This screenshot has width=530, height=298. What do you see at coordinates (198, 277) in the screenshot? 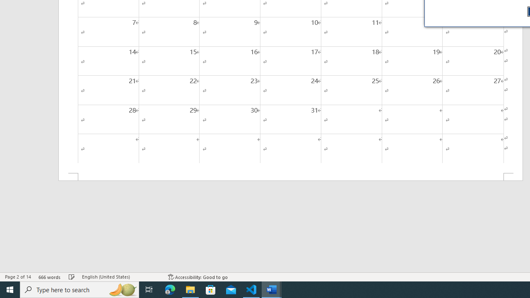
I see `'Accessibility Checker Accessibility: Good to go'` at bounding box center [198, 277].